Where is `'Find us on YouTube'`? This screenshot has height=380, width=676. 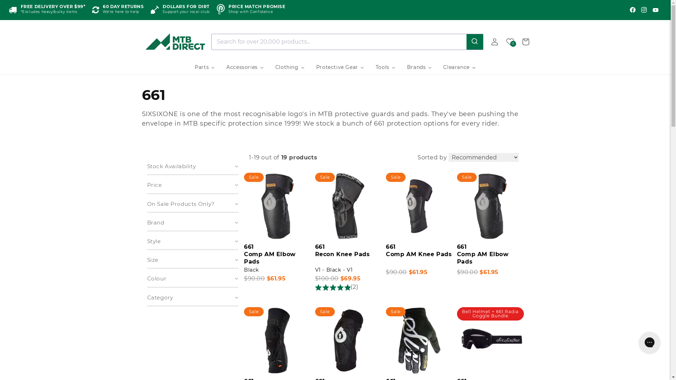
'Find us on YouTube' is located at coordinates (655, 9).